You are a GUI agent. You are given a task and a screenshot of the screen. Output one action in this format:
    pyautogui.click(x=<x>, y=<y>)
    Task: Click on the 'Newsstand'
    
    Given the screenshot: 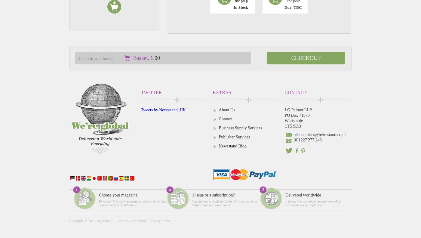 What is the action you would take?
    pyautogui.click(x=104, y=220)
    